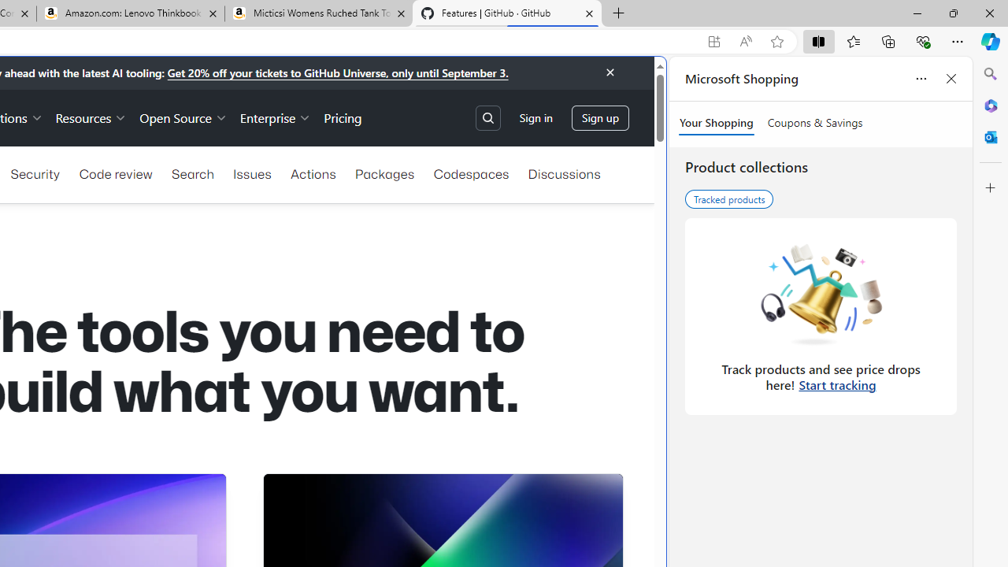  Describe the element at coordinates (564, 174) in the screenshot. I see `'Discussions'` at that location.